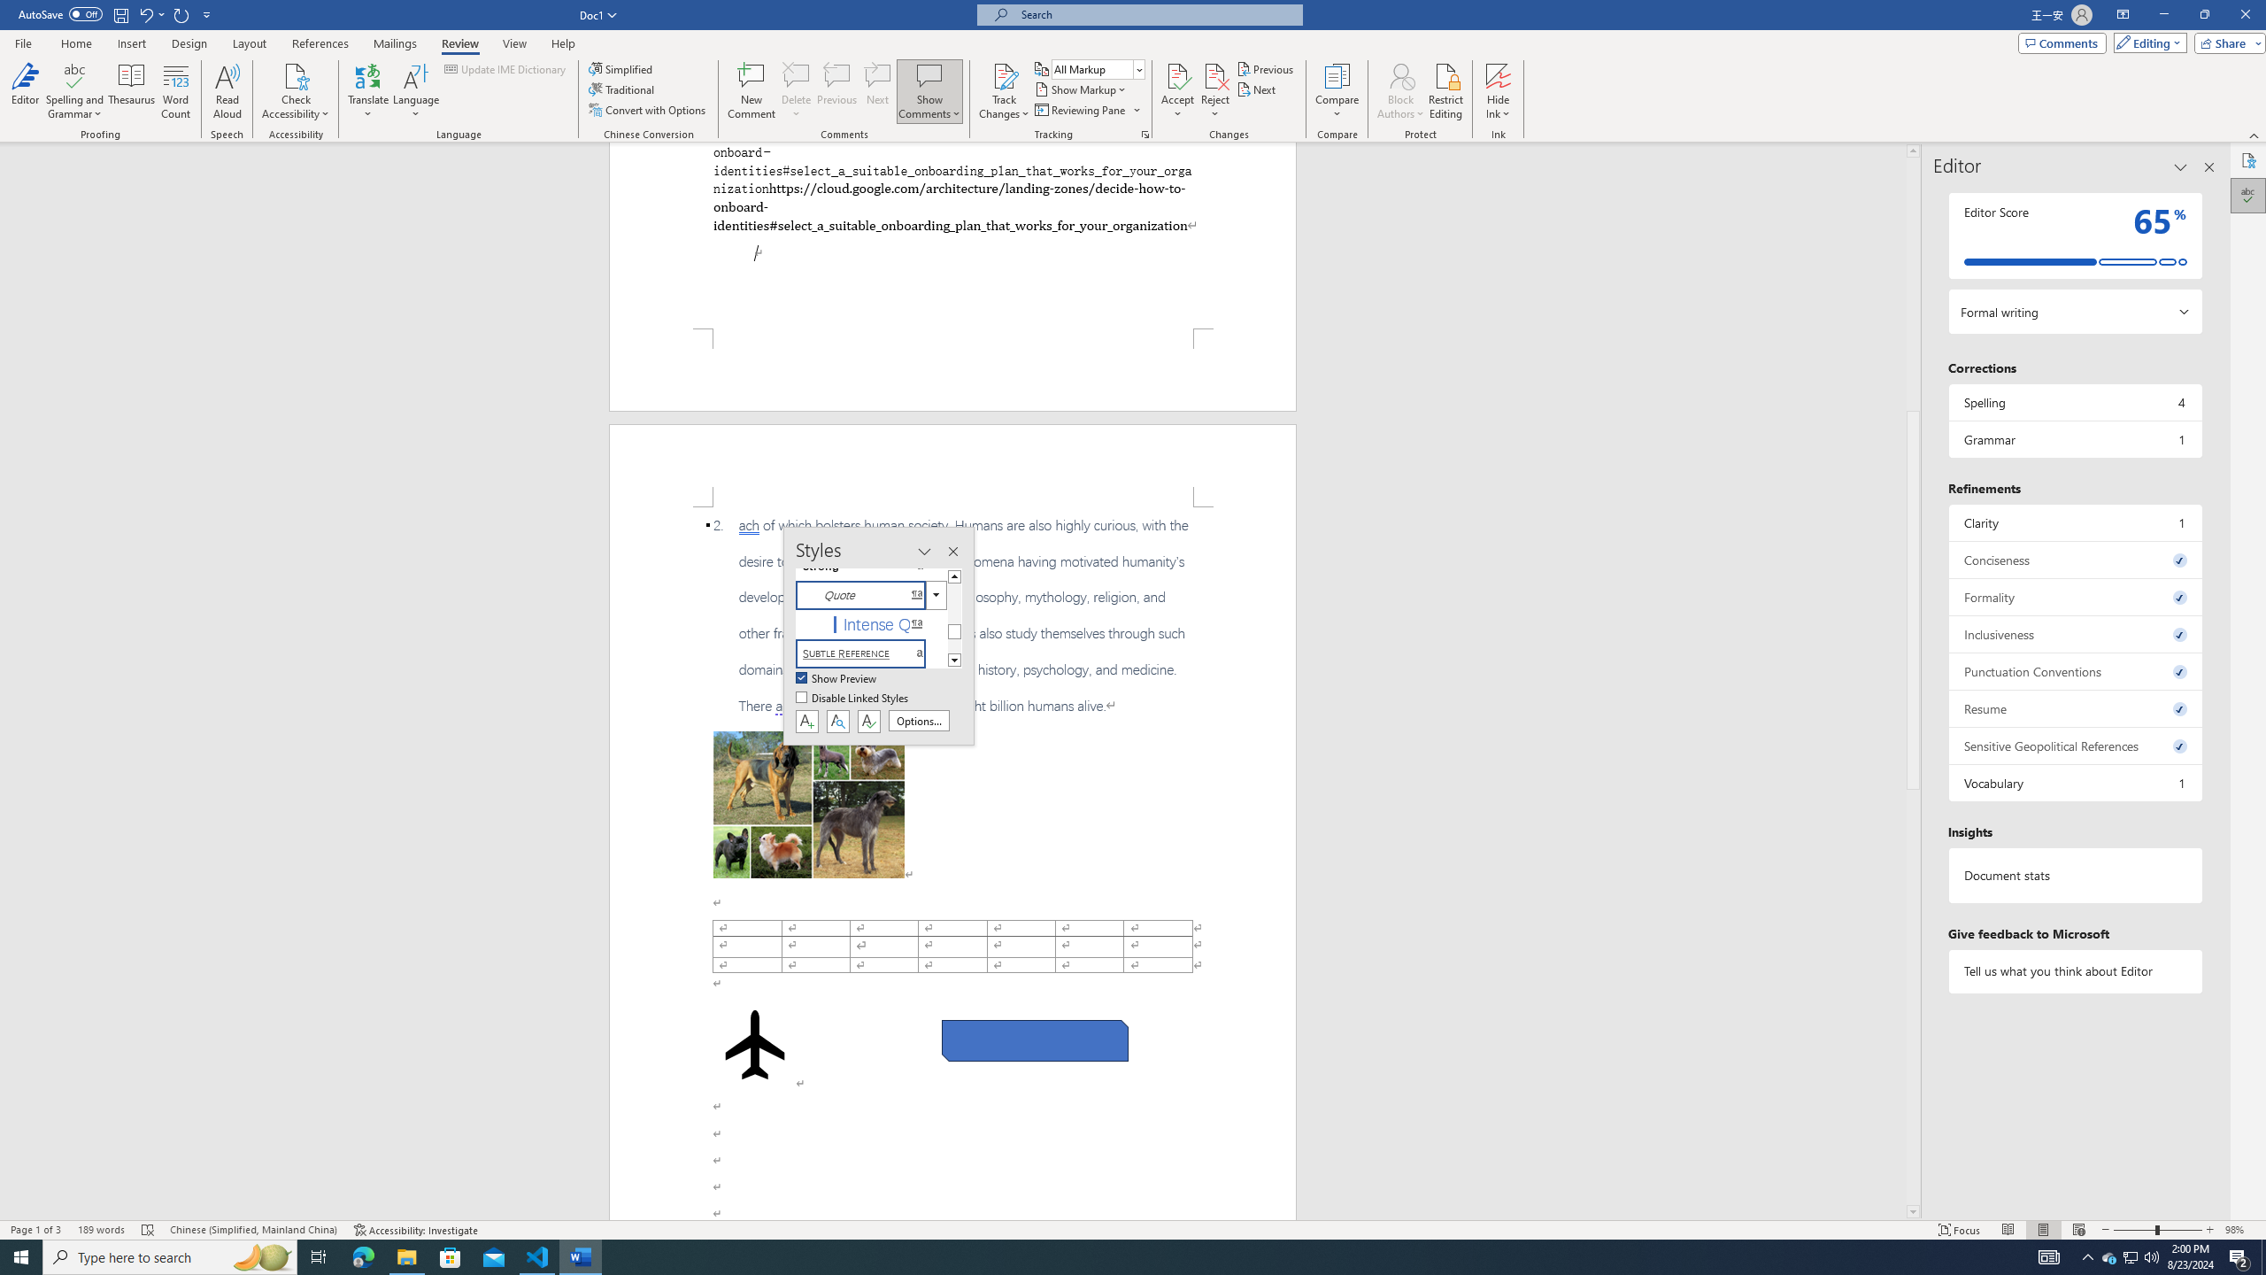 The width and height of the screenshot is (2266, 1275). Describe the element at coordinates (919, 720) in the screenshot. I see `'Options...'` at that location.